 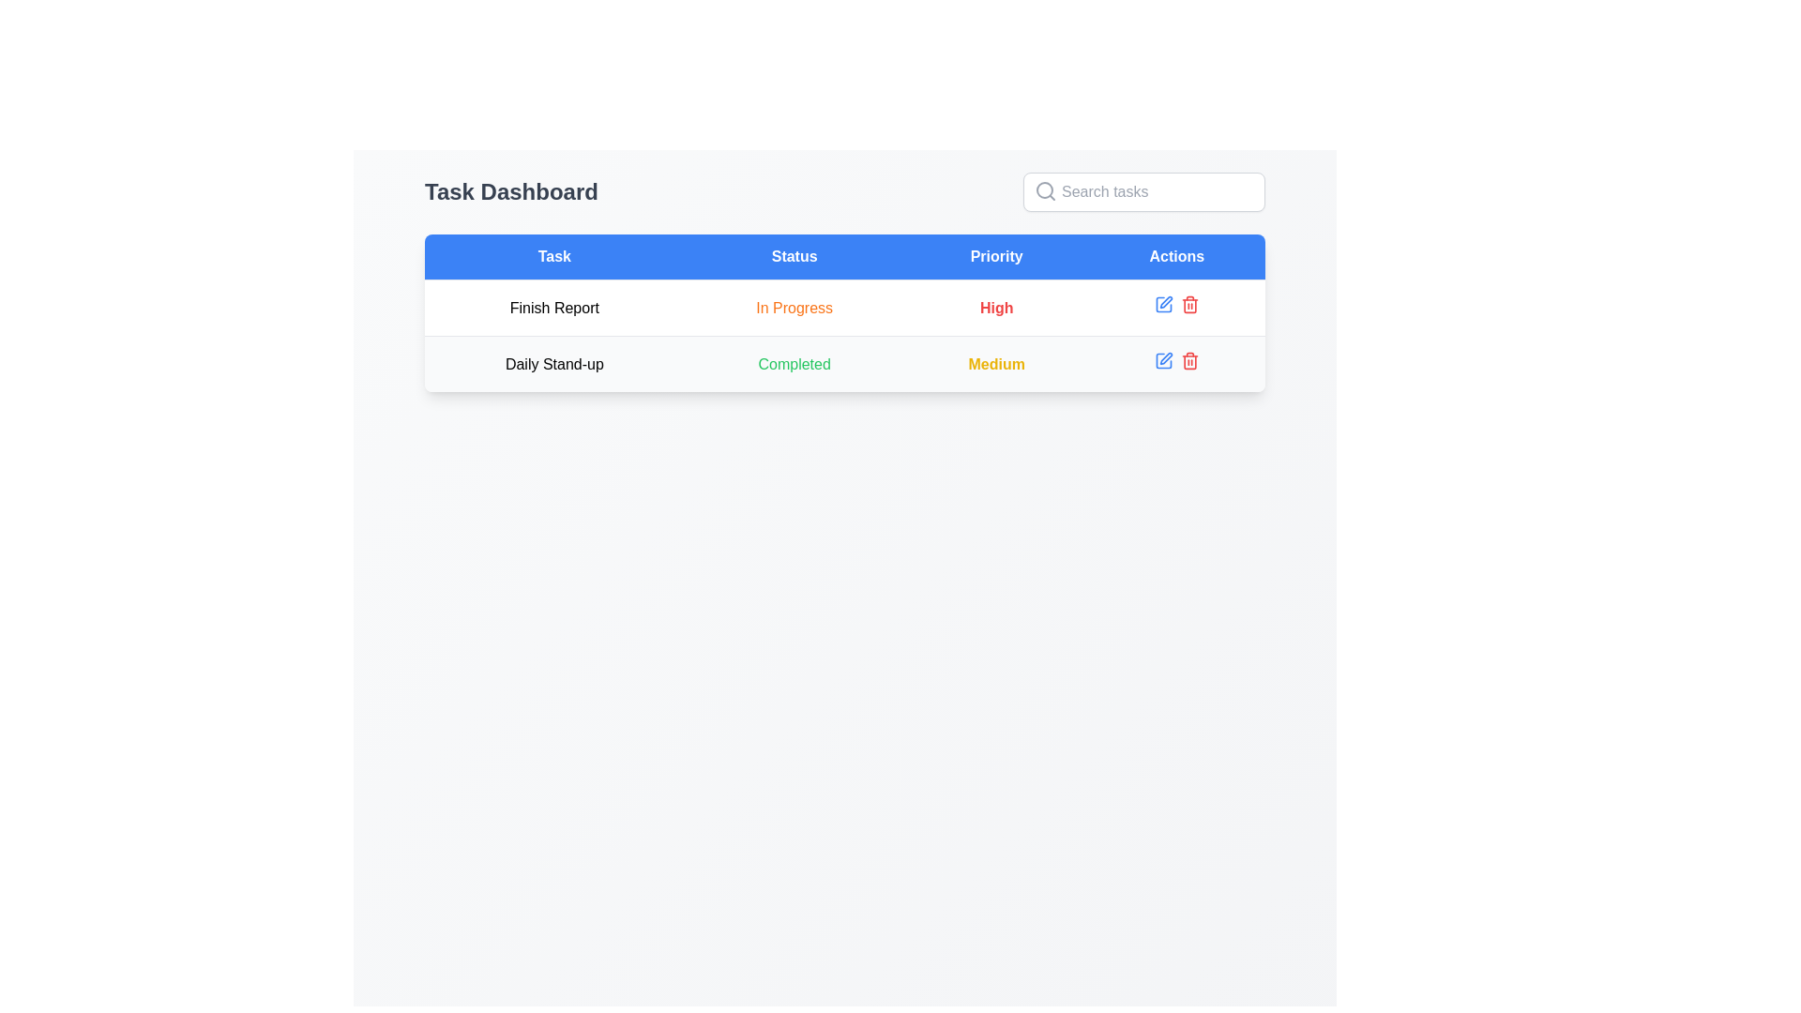 I want to click on the pen or pencil icon, so click(x=1165, y=301).